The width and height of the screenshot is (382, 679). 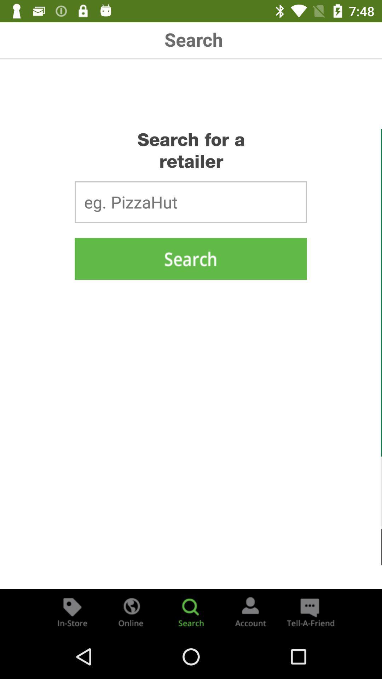 I want to click on store button, so click(x=72, y=611).